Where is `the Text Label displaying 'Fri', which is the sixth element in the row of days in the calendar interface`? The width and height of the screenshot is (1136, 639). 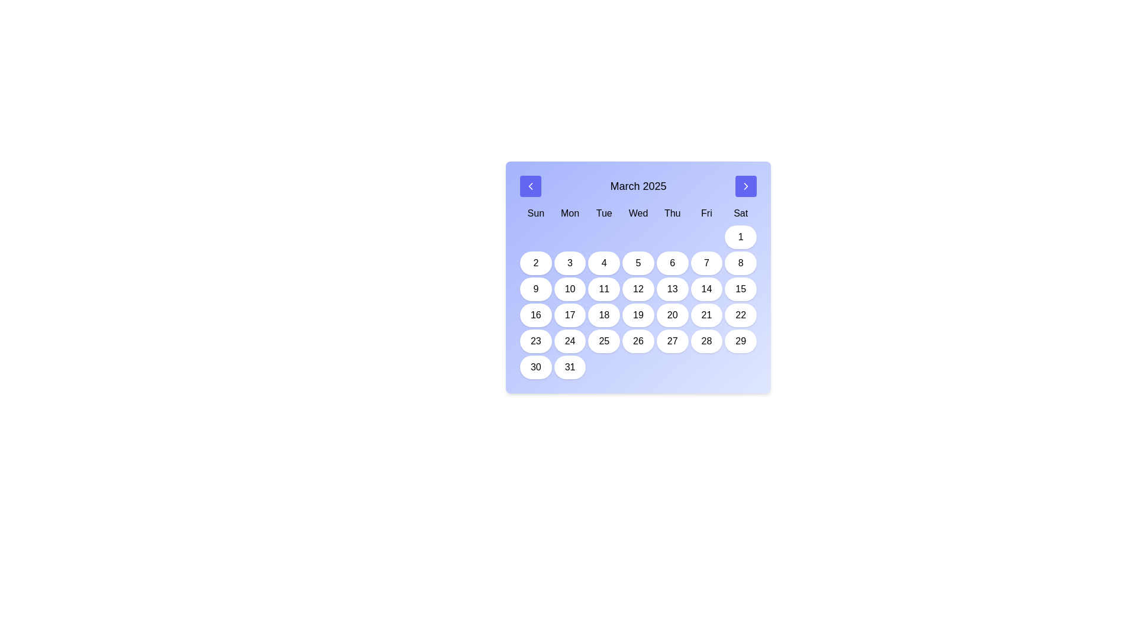 the Text Label displaying 'Fri', which is the sixth element in the row of days in the calendar interface is located at coordinates (706, 214).